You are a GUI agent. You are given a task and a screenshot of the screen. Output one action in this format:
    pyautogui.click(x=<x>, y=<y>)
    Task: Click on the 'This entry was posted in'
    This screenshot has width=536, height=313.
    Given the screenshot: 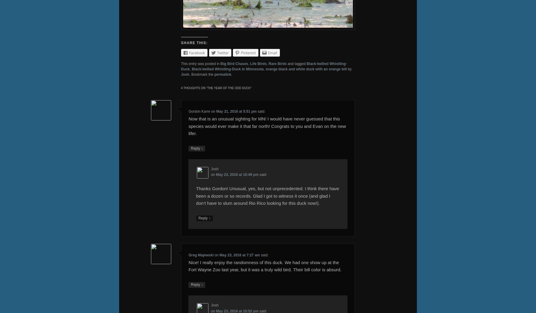 What is the action you would take?
    pyautogui.click(x=200, y=63)
    